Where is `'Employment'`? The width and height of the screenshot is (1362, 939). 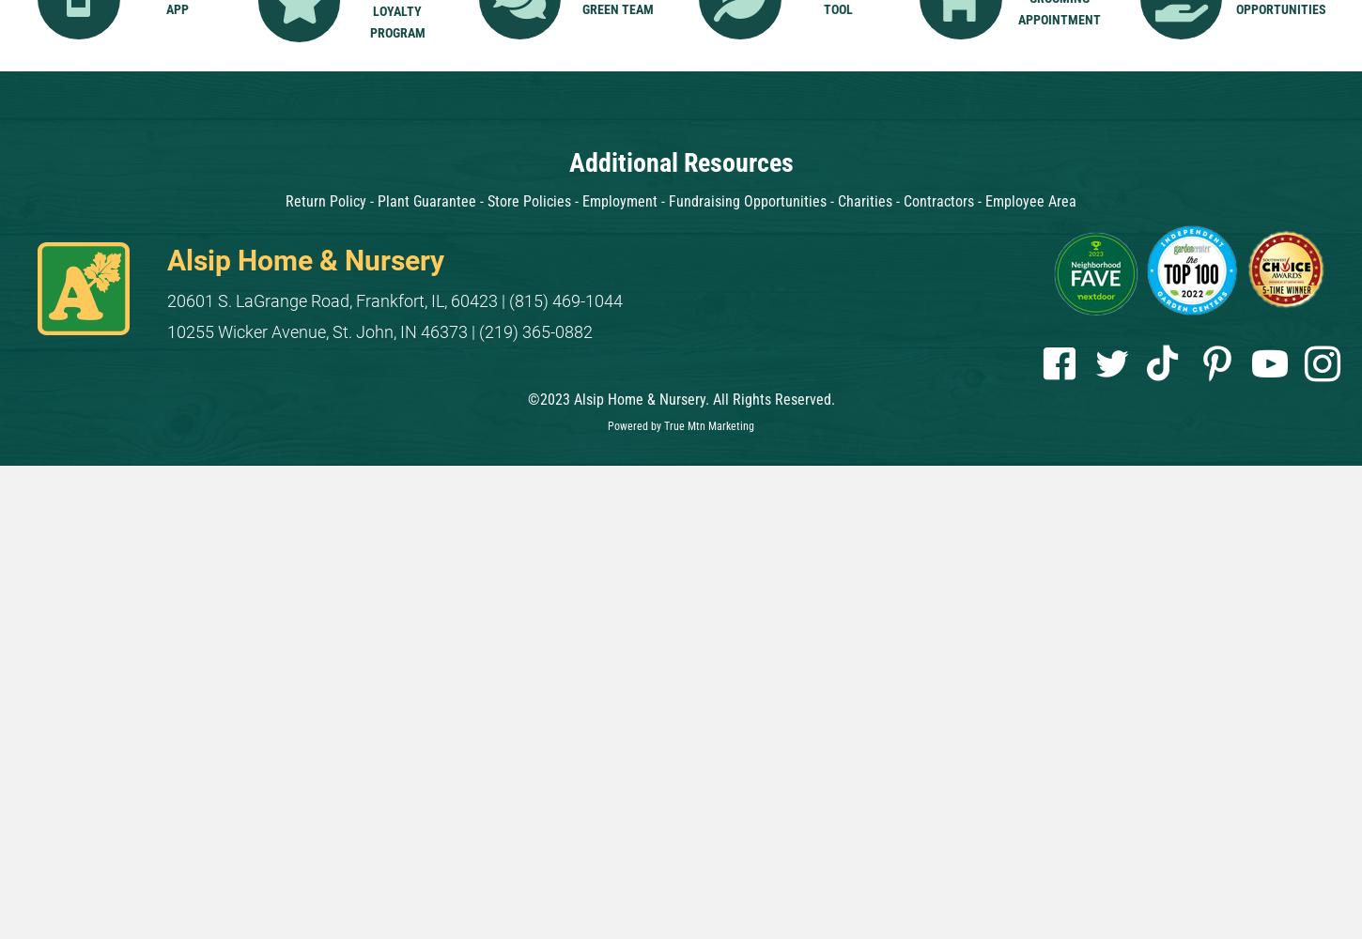 'Employment' is located at coordinates (619, 200).